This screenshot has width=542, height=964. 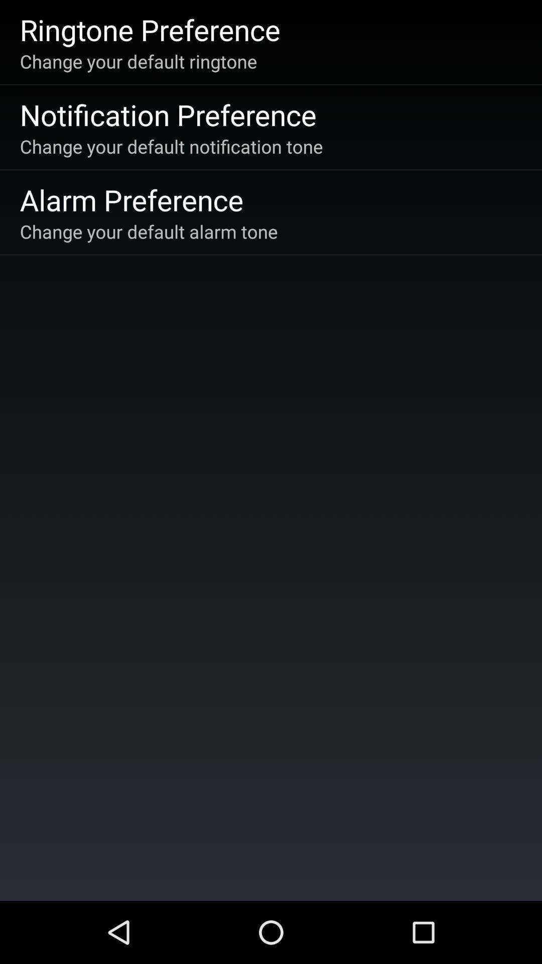 I want to click on ringtone preference, so click(x=150, y=29).